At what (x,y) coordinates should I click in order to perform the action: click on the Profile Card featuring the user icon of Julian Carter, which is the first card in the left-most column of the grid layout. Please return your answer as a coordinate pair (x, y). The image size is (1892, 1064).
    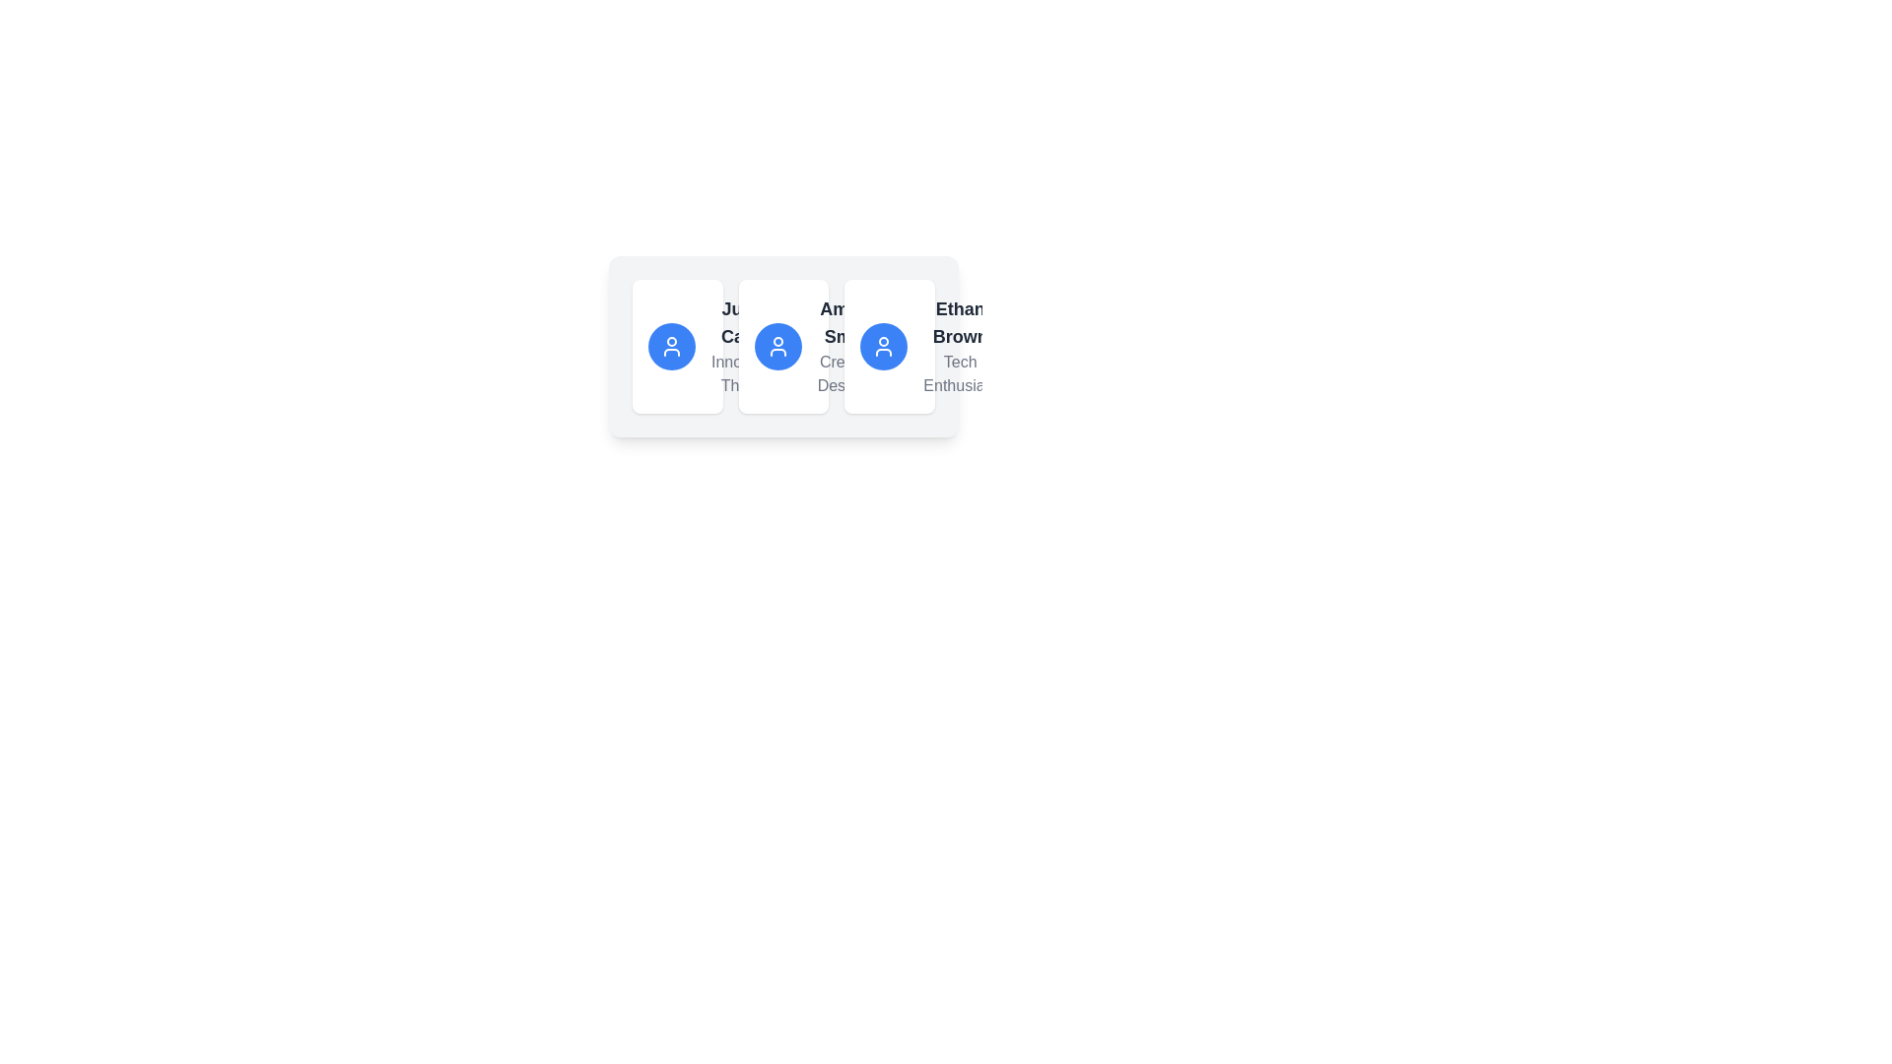
    Looking at the image, I should click on (677, 345).